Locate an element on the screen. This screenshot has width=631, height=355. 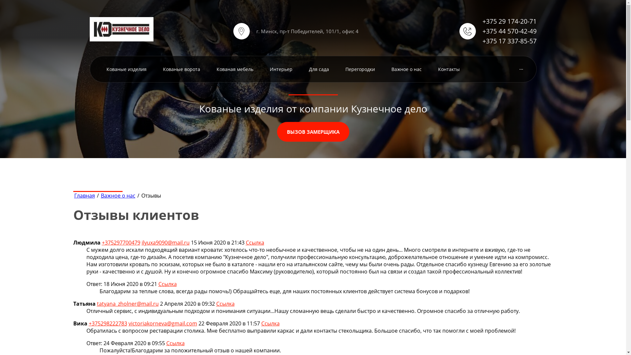
'...' is located at coordinates (515, 67).